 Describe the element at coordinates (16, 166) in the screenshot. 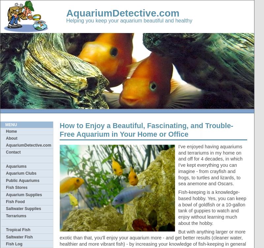

I see `'Aquariums'` at that location.